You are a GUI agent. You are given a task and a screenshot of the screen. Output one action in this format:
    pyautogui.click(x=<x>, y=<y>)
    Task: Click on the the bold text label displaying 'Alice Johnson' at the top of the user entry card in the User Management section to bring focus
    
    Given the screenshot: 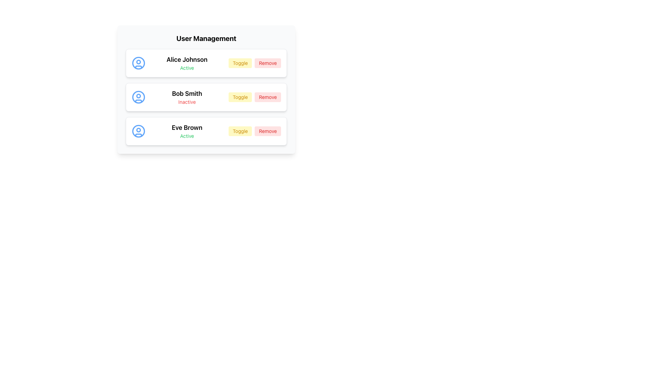 What is the action you would take?
    pyautogui.click(x=187, y=59)
    